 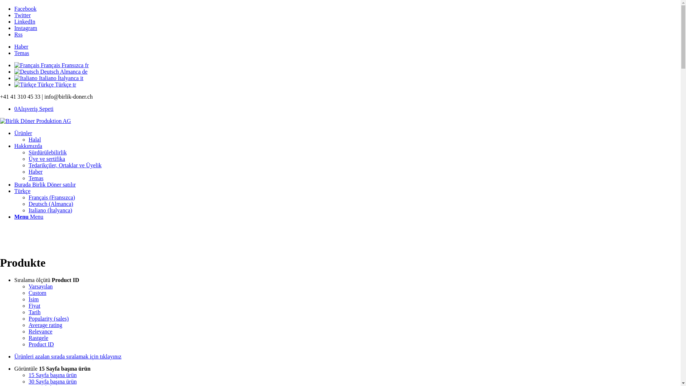 I want to click on 'Custom', so click(x=37, y=293).